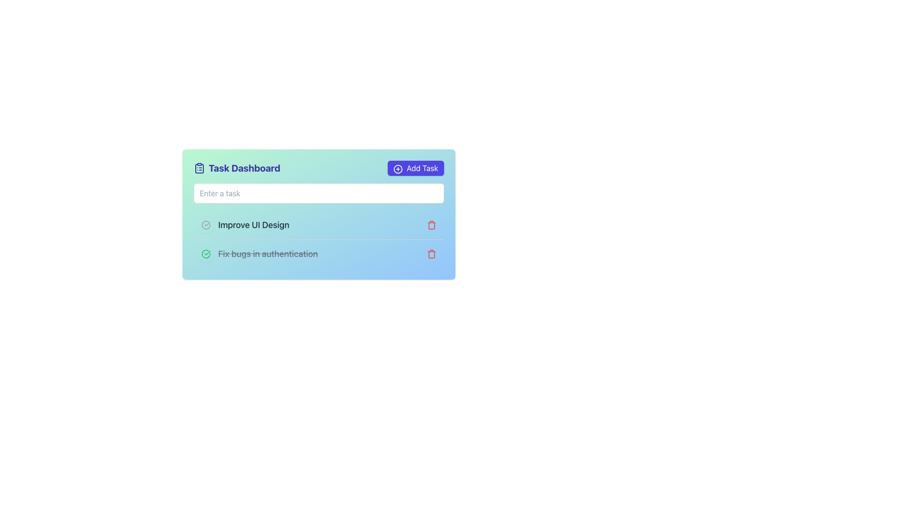 This screenshot has width=910, height=512. I want to click on the state of the circular icon with a checkmark, positioned to the left of the text 'Fix bugs in authentication', which is the second item in the vertical list of icons, so click(205, 225).